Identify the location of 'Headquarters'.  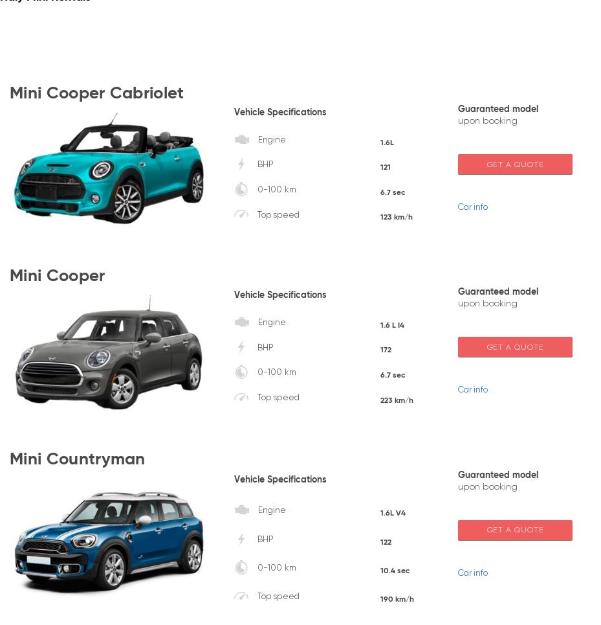
(443, 517).